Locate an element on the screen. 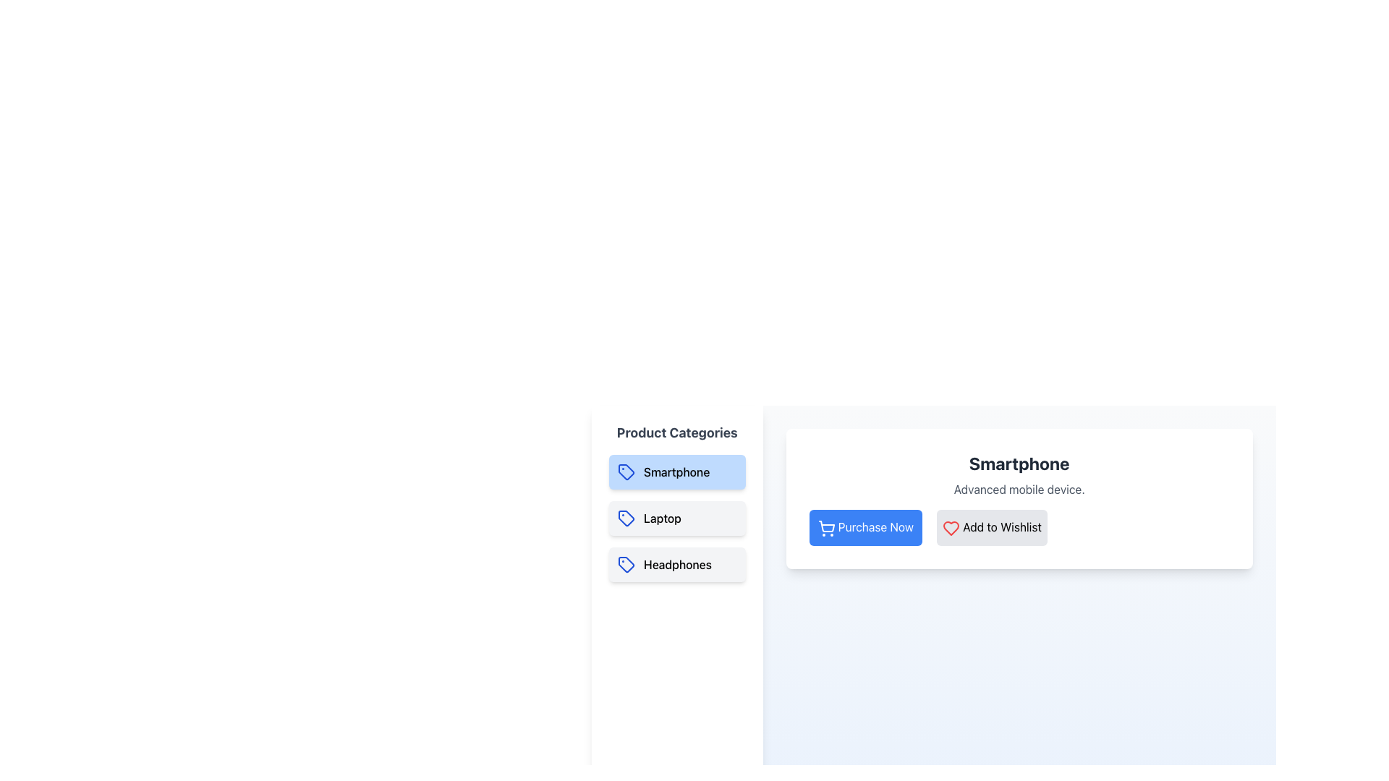  the blue 'Purchase Now' button with rounded corners is located at coordinates (865, 527).